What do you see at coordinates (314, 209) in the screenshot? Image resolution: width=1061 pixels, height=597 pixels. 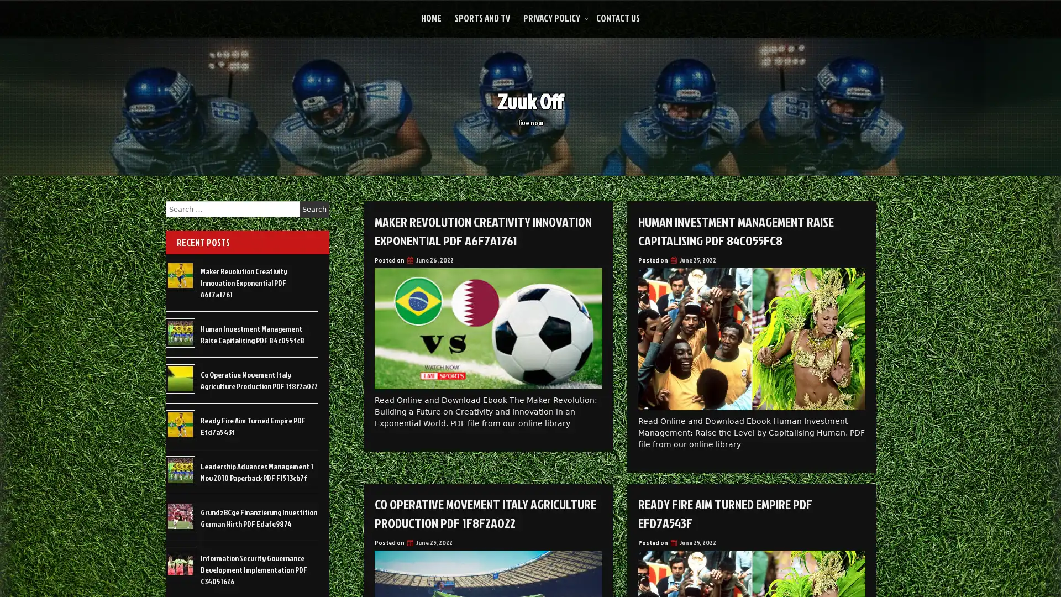 I see `Search` at bounding box center [314, 209].